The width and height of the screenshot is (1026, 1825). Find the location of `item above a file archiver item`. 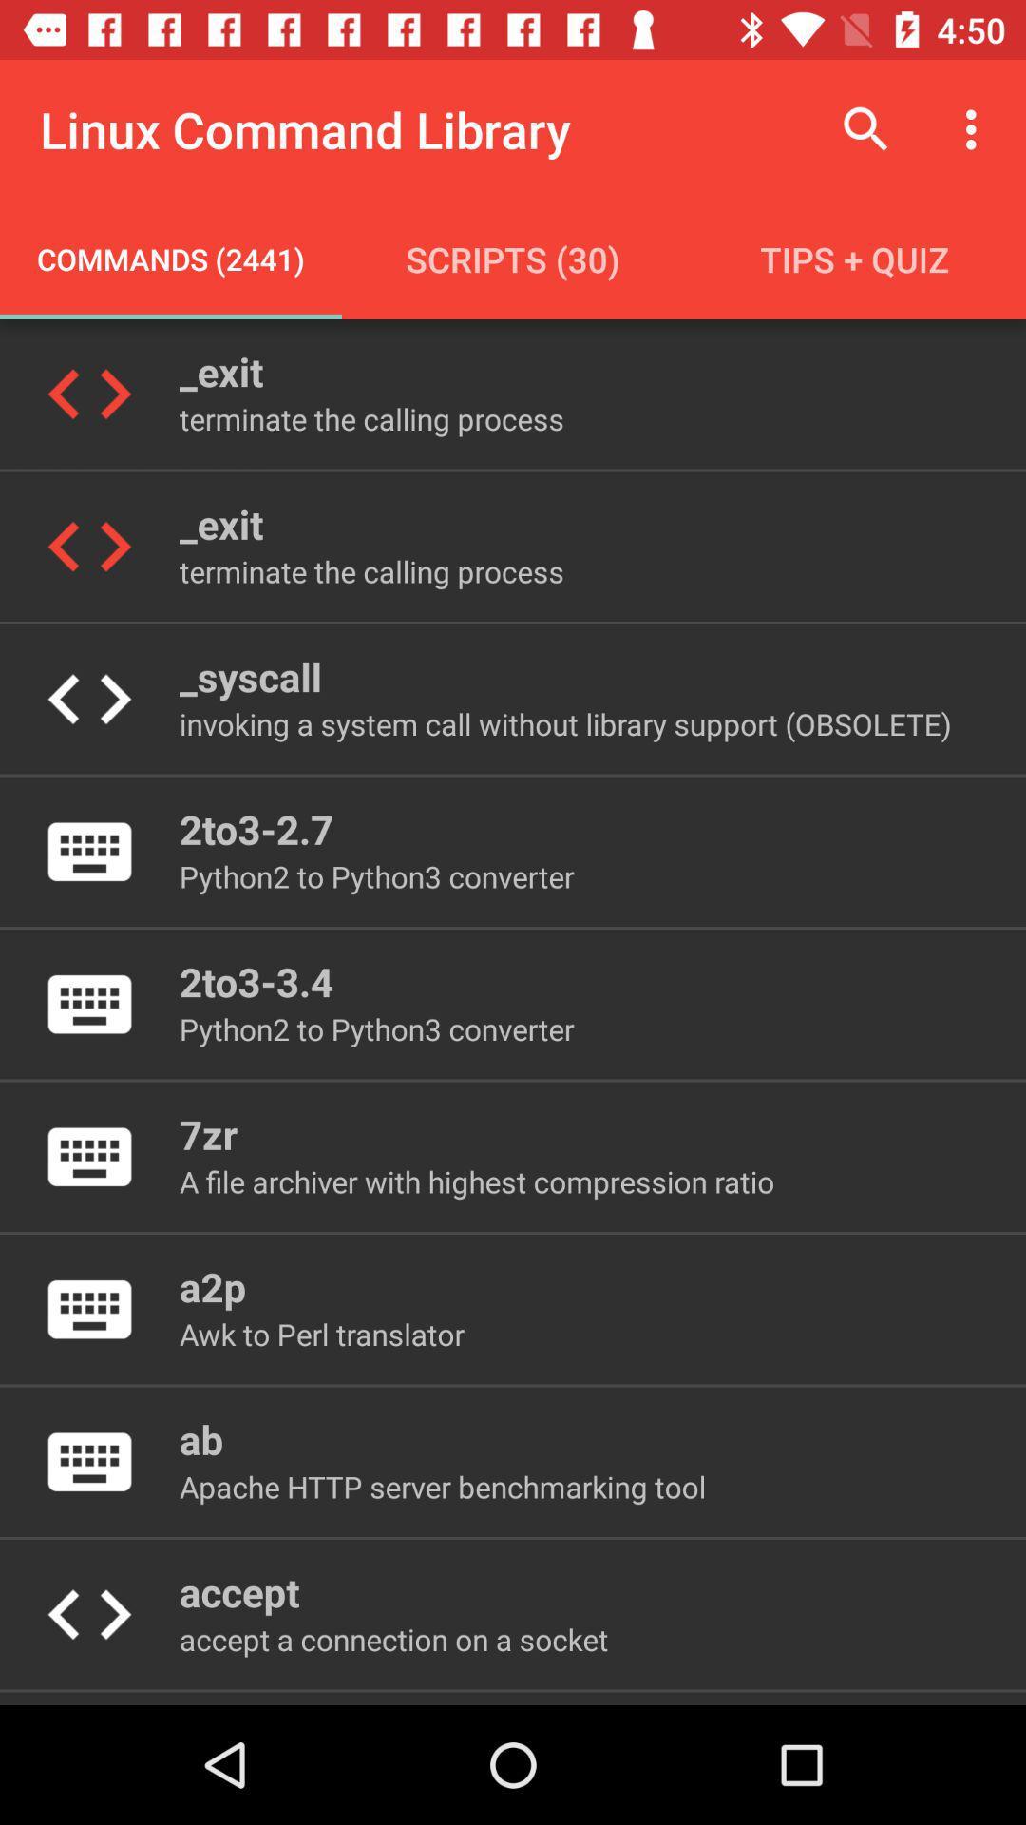

item above a file archiver item is located at coordinates (208, 1134).